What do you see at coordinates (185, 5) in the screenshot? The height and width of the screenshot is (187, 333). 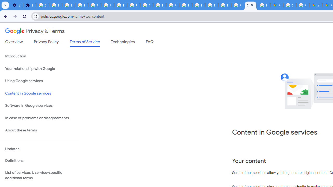 I see `'Privacy Help Center - Policies Help'` at bounding box center [185, 5].